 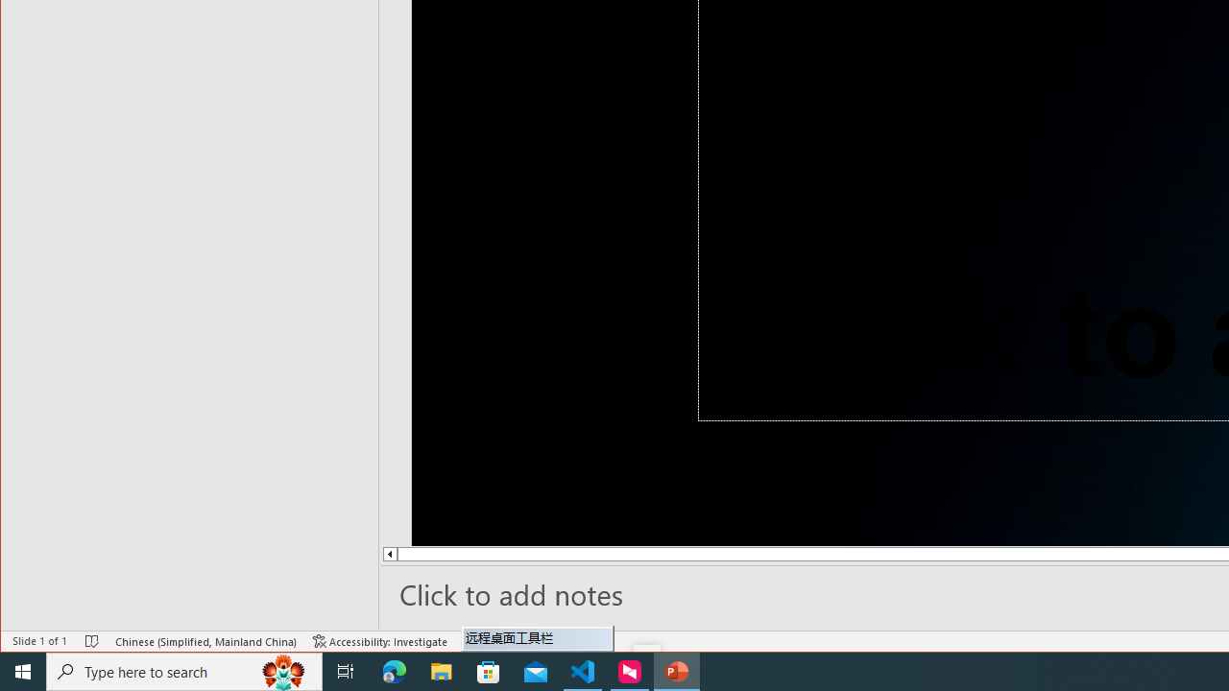 I want to click on 'Accessibility Checker Accessibility: Investigate', so click(x=380, y=641).